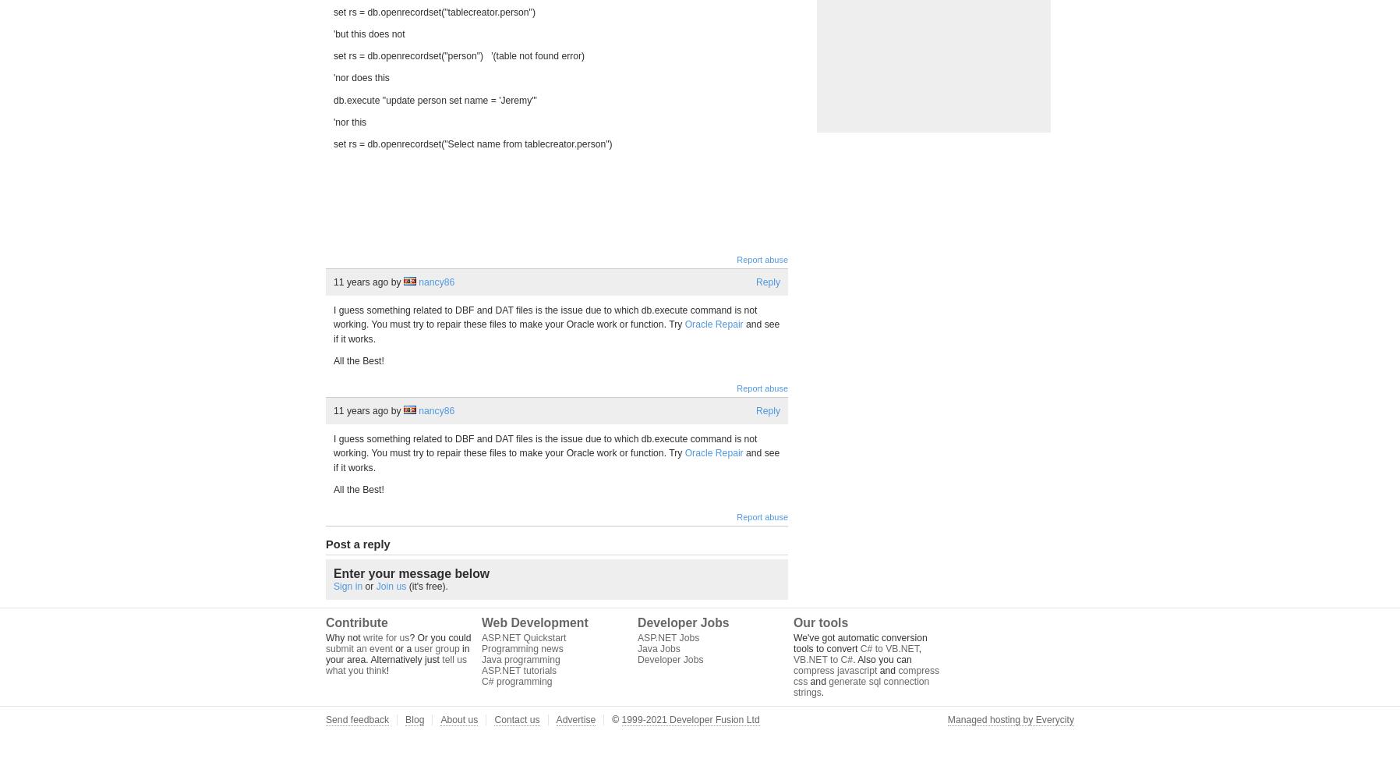  I want to click on 'Enter your message below', so click(411, 573).